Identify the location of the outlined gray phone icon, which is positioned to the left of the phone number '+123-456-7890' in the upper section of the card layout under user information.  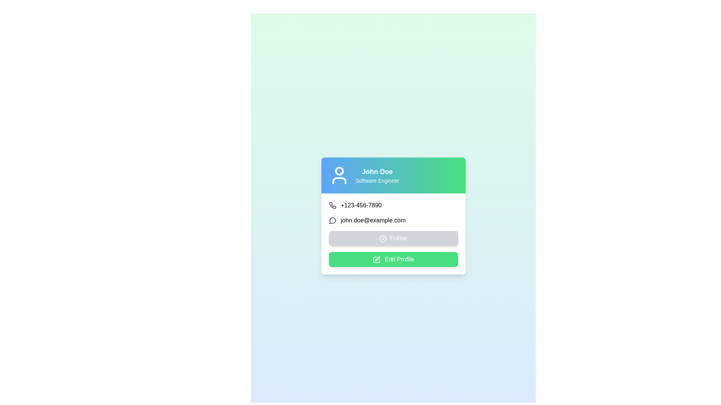
(332, 205).